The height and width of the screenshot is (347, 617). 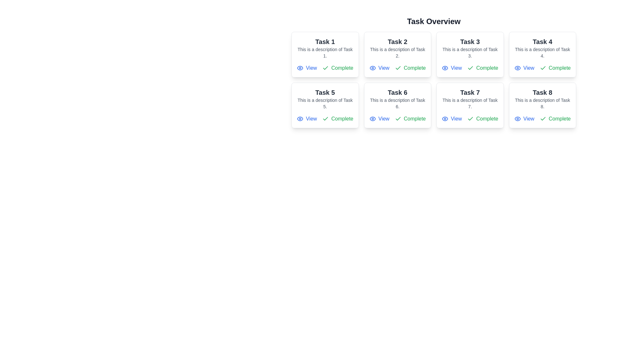 I want to click on the leftmost sub-component of the 'View' icon in the fourth task card located in the top-right section of the task cards, so click(x=517, y=68).